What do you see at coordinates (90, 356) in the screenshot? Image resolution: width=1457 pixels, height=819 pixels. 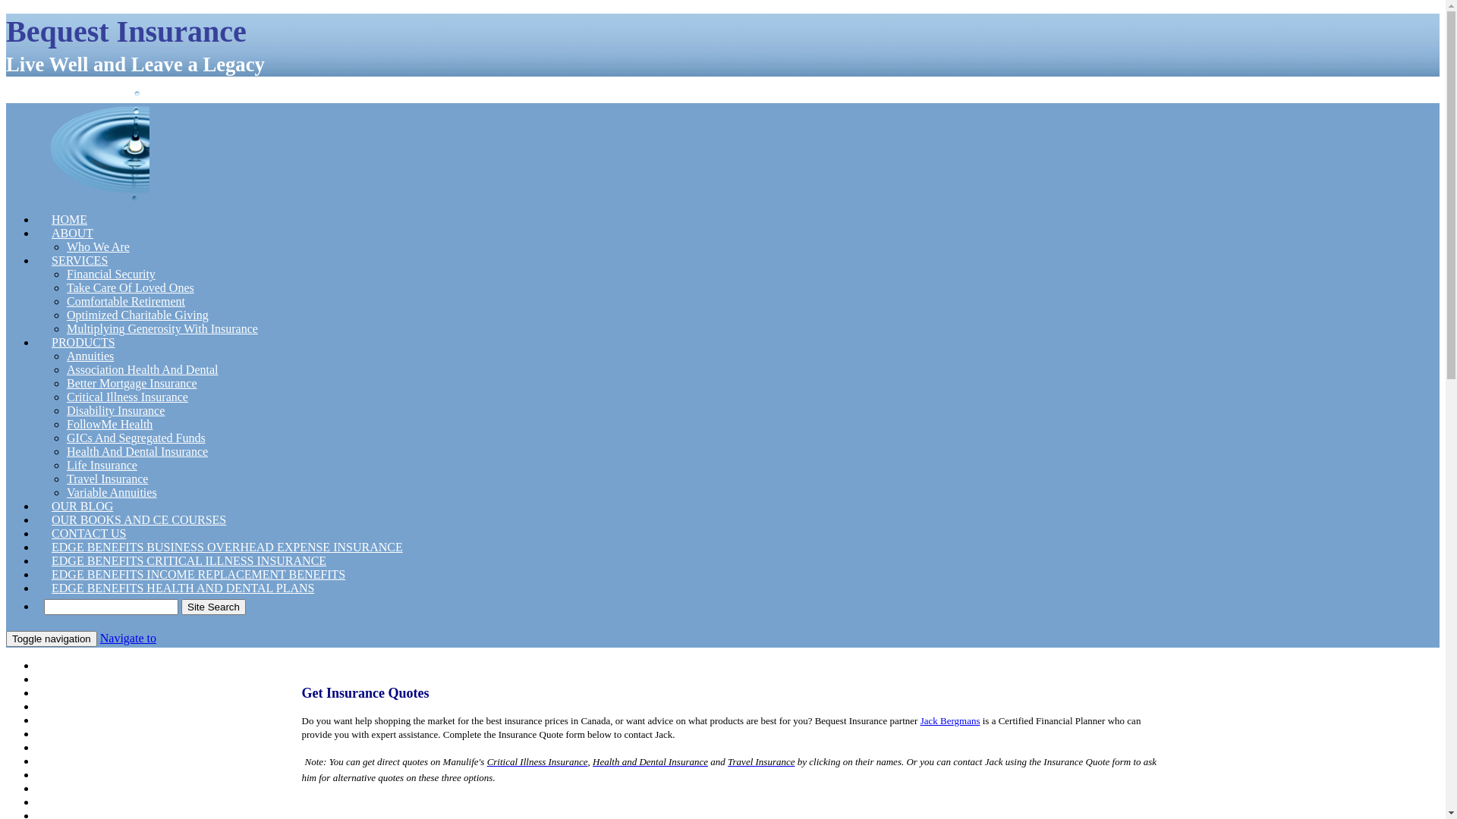 I see `'Annuities'` at bounding box center [90, 356].